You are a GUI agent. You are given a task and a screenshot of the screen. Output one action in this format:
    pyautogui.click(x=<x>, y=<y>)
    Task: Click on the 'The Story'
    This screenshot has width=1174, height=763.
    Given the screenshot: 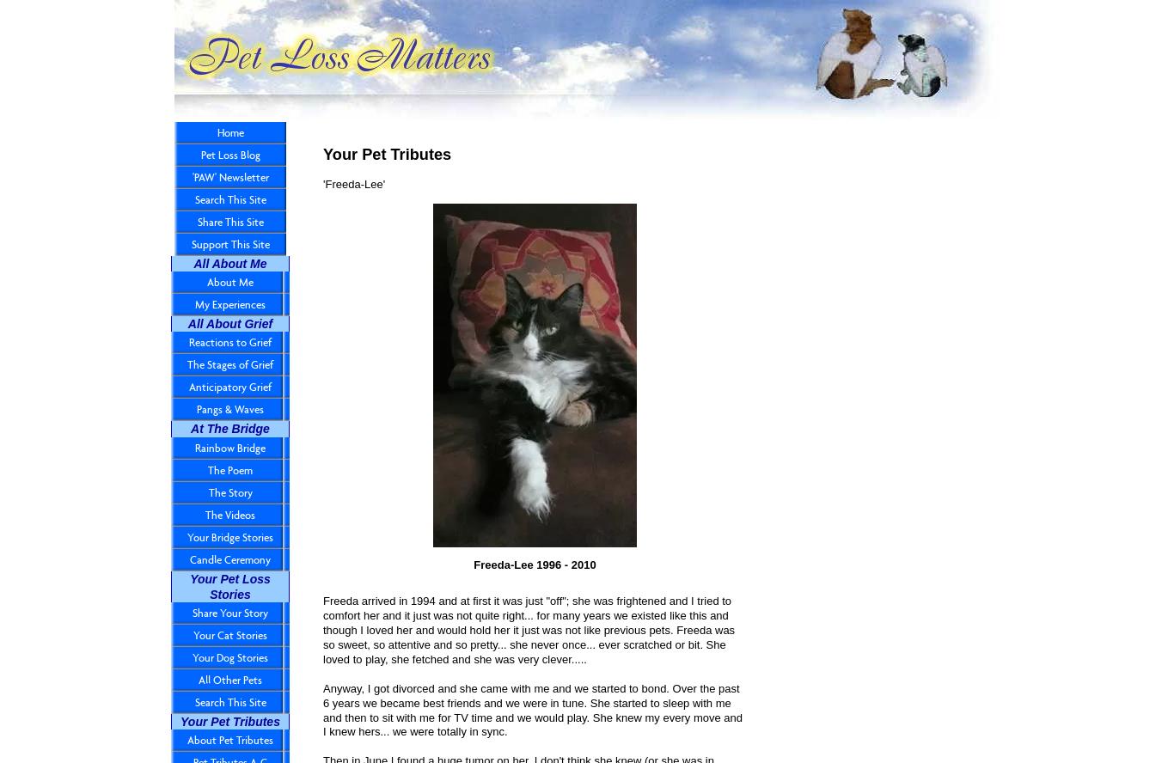 What is the action you would take?
    pyautogui.click(x=229, y=491)
    